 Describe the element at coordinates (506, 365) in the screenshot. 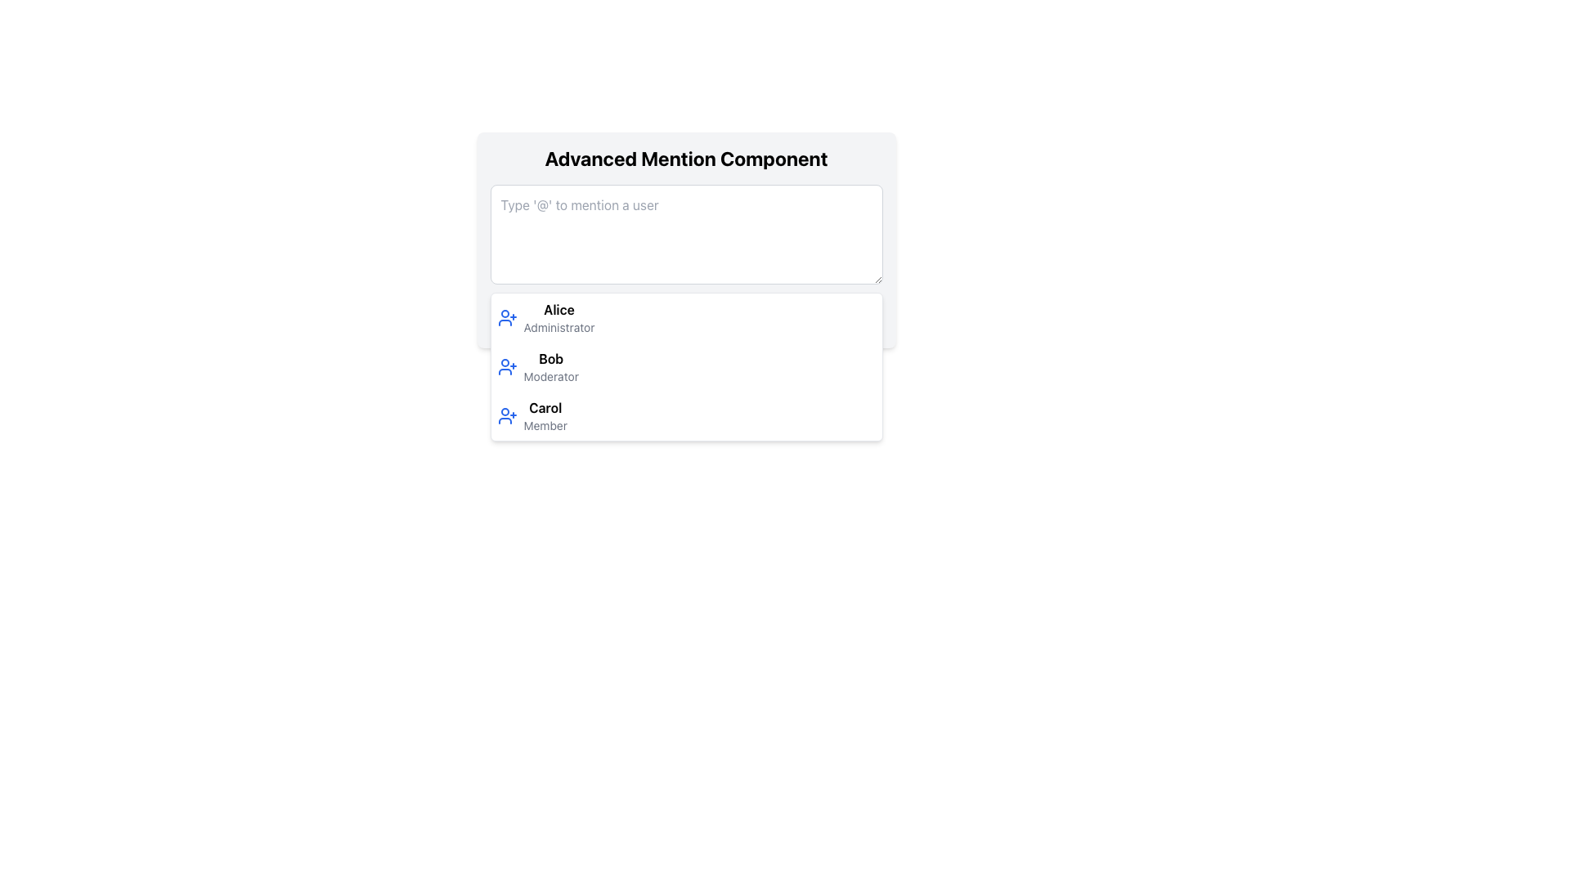

I see `the blue icon with a person outline and '+' symbol associated with adding a user, located to the left of the text 'Bob Moderator'` at that location.